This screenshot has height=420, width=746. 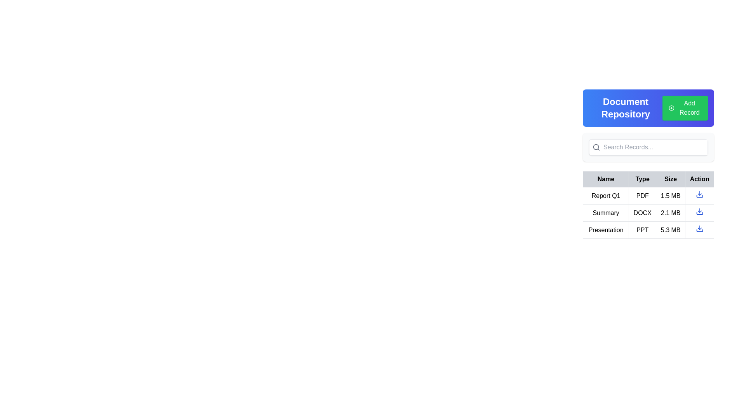 I want to click on the small circular outline within the green 'Add Record' button, which is located at the upper right corner of the blue document repository header, so click(x=671, y=108).